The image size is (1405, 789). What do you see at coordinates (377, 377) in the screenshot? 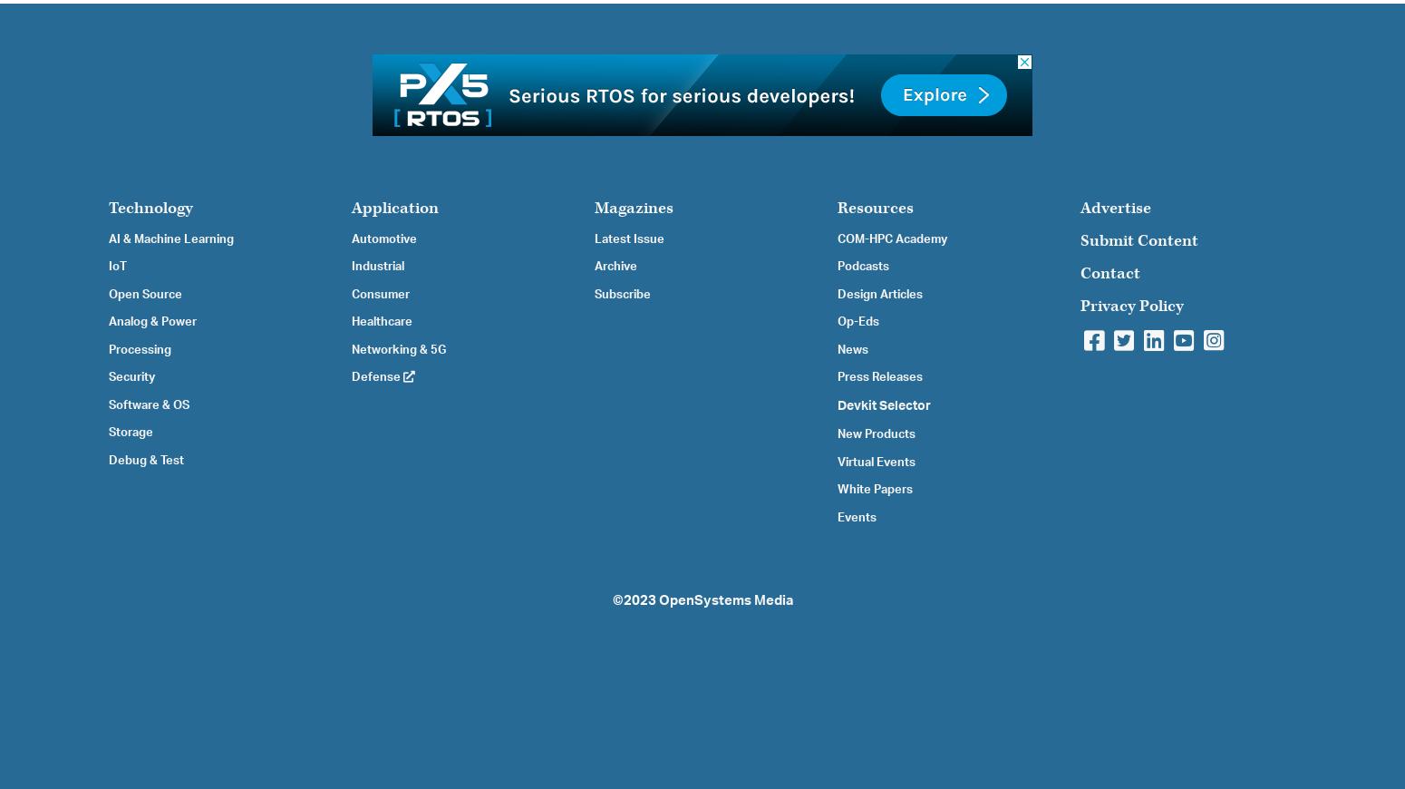
I see `'Defense'` at bounding box center [377, 377].